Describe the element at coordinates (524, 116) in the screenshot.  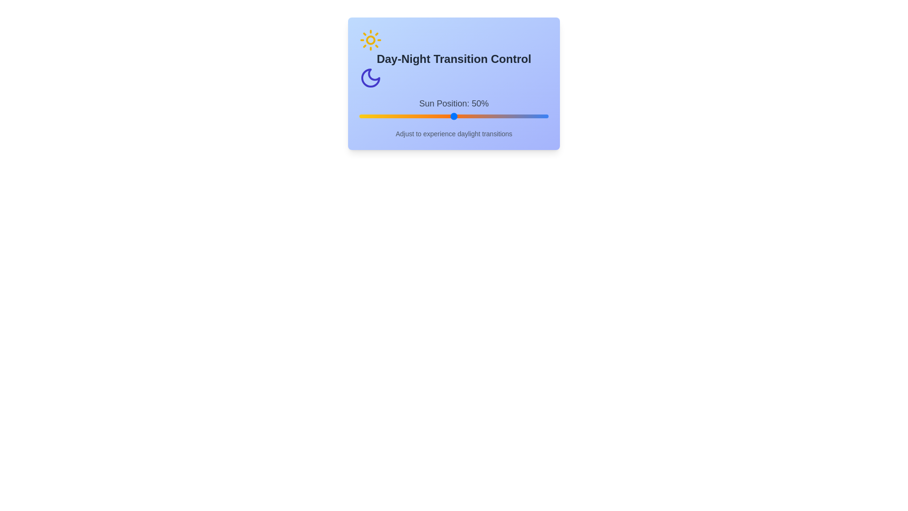
I see `the sun position to 87% by clicking on the slider track` at that location.